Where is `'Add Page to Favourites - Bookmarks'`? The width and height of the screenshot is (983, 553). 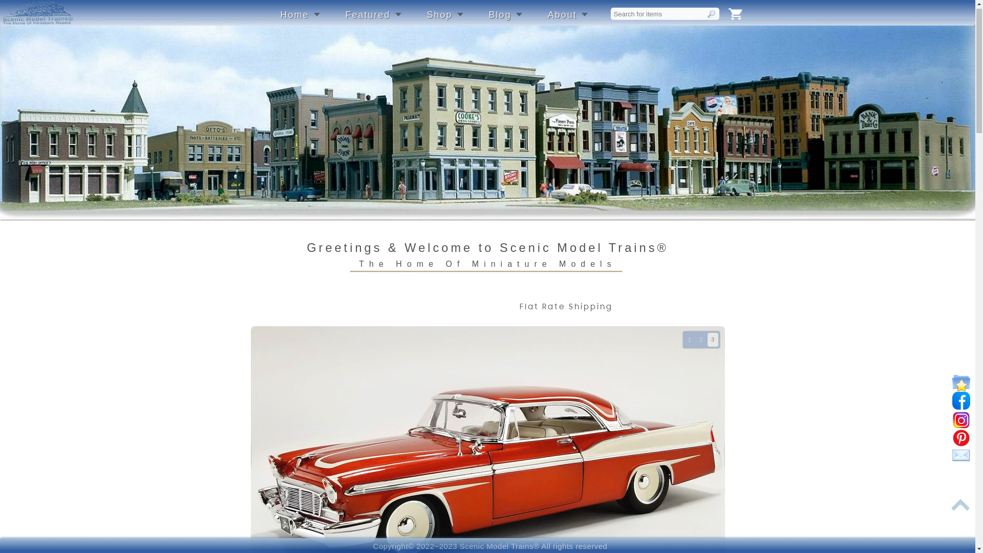
'Add Page to Favourites - Bookmarks' is located at coordinates (960, 388).